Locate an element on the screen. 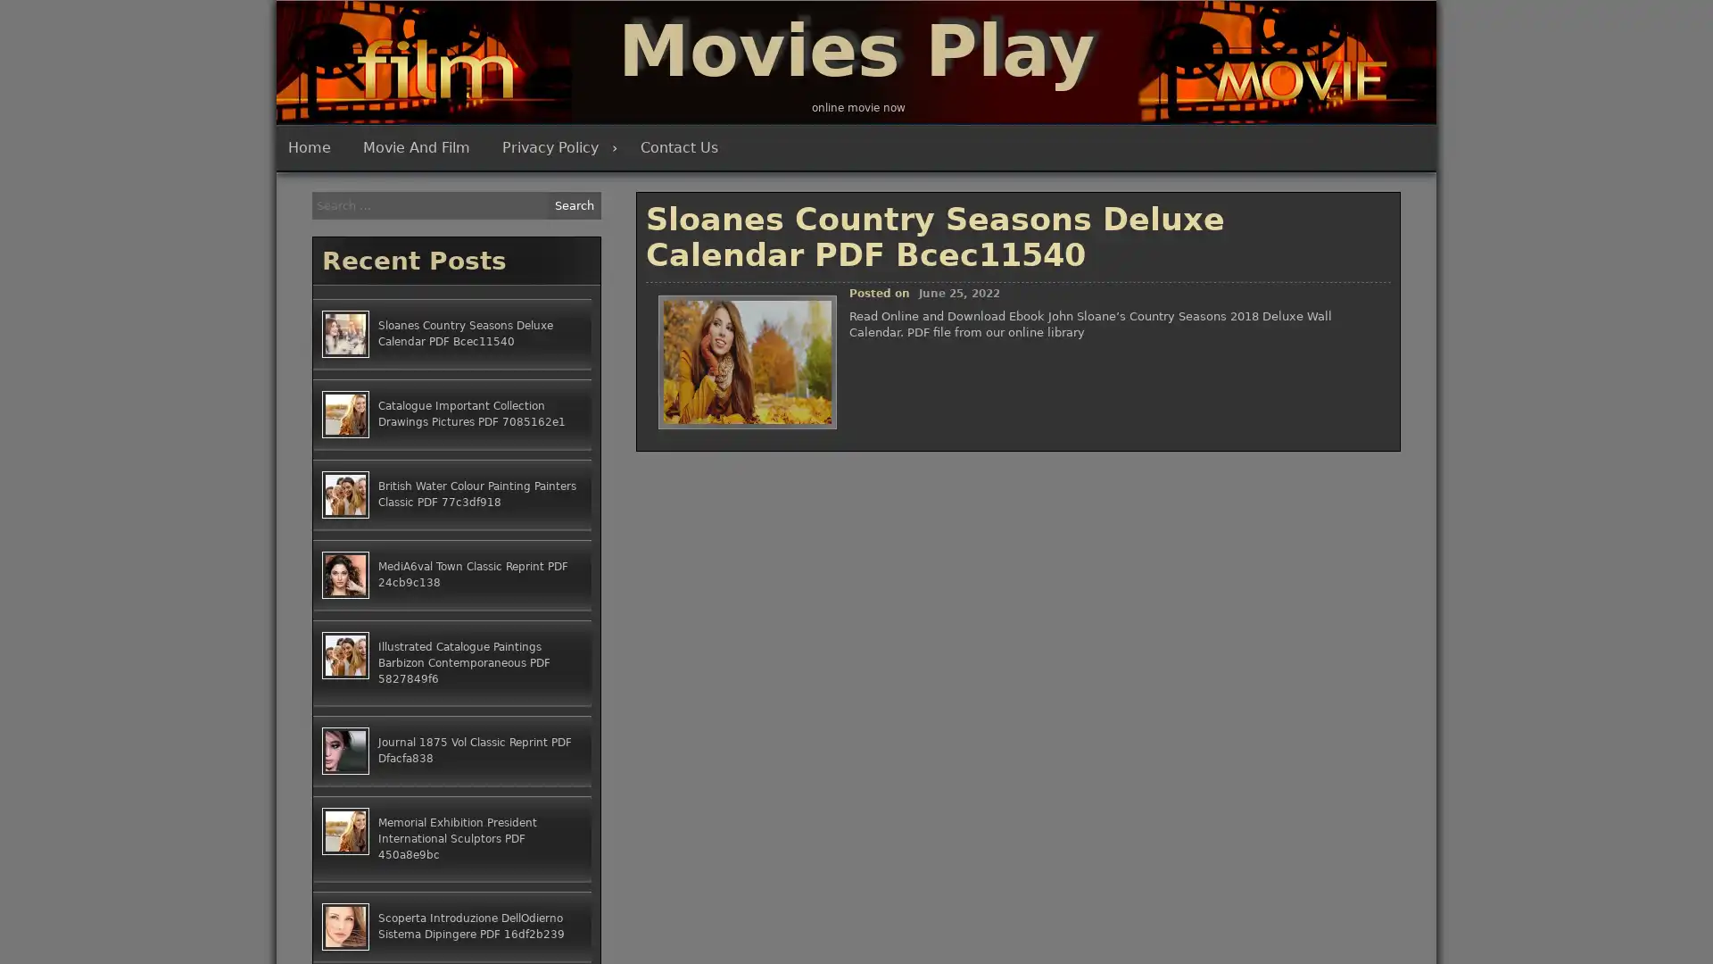  Search is located at coordinates (574, 204).